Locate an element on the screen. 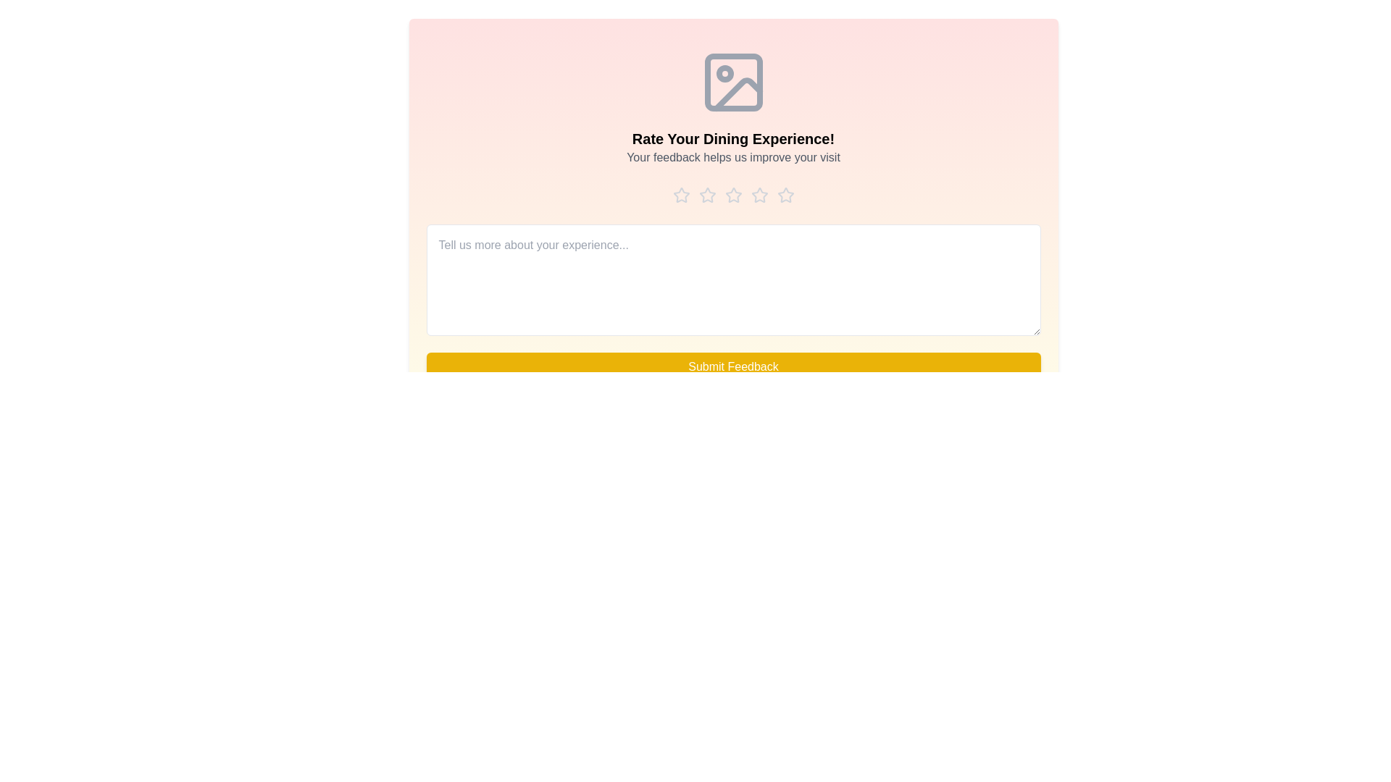  the star corresponding to the rating 1 to preview it is located at coordinates (680, 195).